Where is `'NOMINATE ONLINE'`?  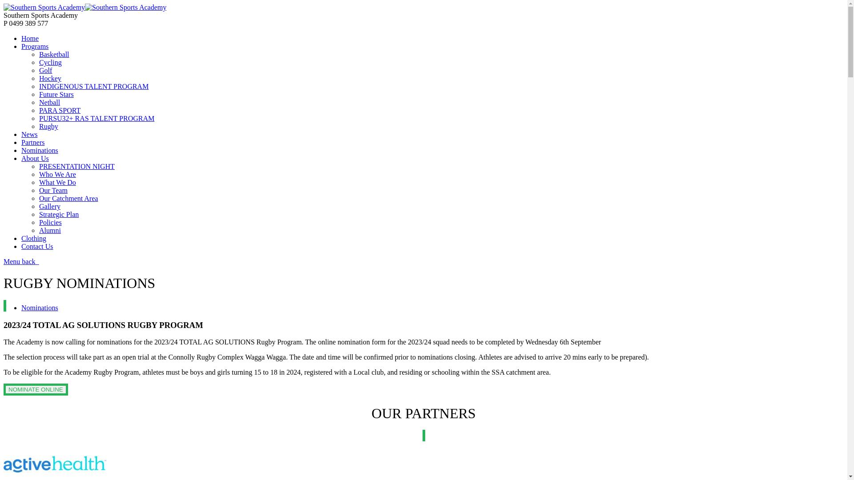 'NOMINATE ONLINE' is located at coordinates (36, 388).